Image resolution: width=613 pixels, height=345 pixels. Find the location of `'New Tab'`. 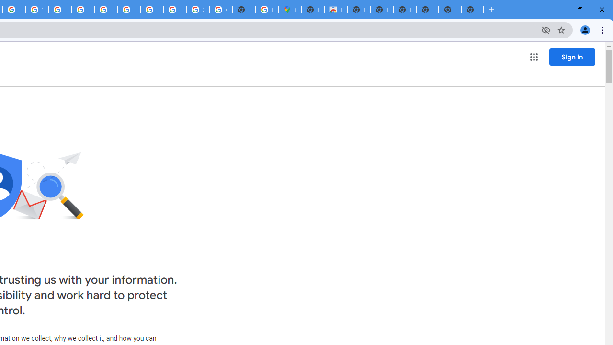

'New Tab' is located at coordinates (427, 10).